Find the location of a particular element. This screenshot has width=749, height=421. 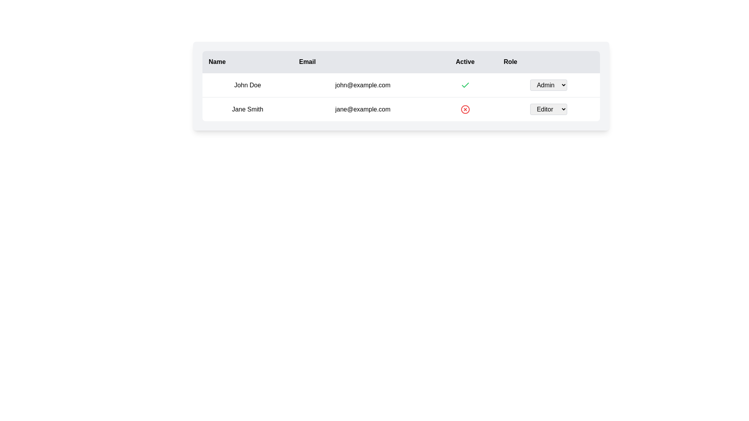

the static text displaying the email address associated with 'Jane Smith', located in the second row of the table under the 'Email' column is located at coordinates (362, 109).